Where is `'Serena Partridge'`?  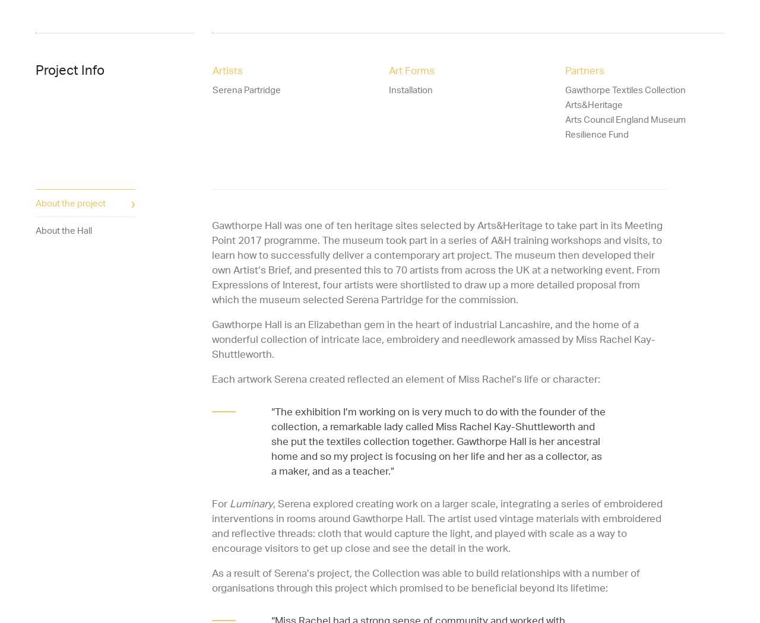
'Serena Partridge' is located at coordinates (245, 90).